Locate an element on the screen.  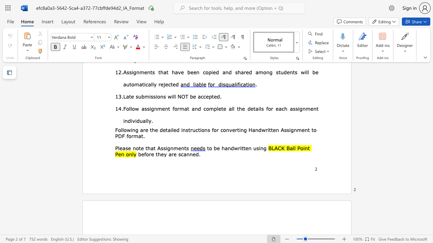
the subset text "int Pen o" within the text "BLACK Ball Point Pen only" is located at coordinates (303, 147).